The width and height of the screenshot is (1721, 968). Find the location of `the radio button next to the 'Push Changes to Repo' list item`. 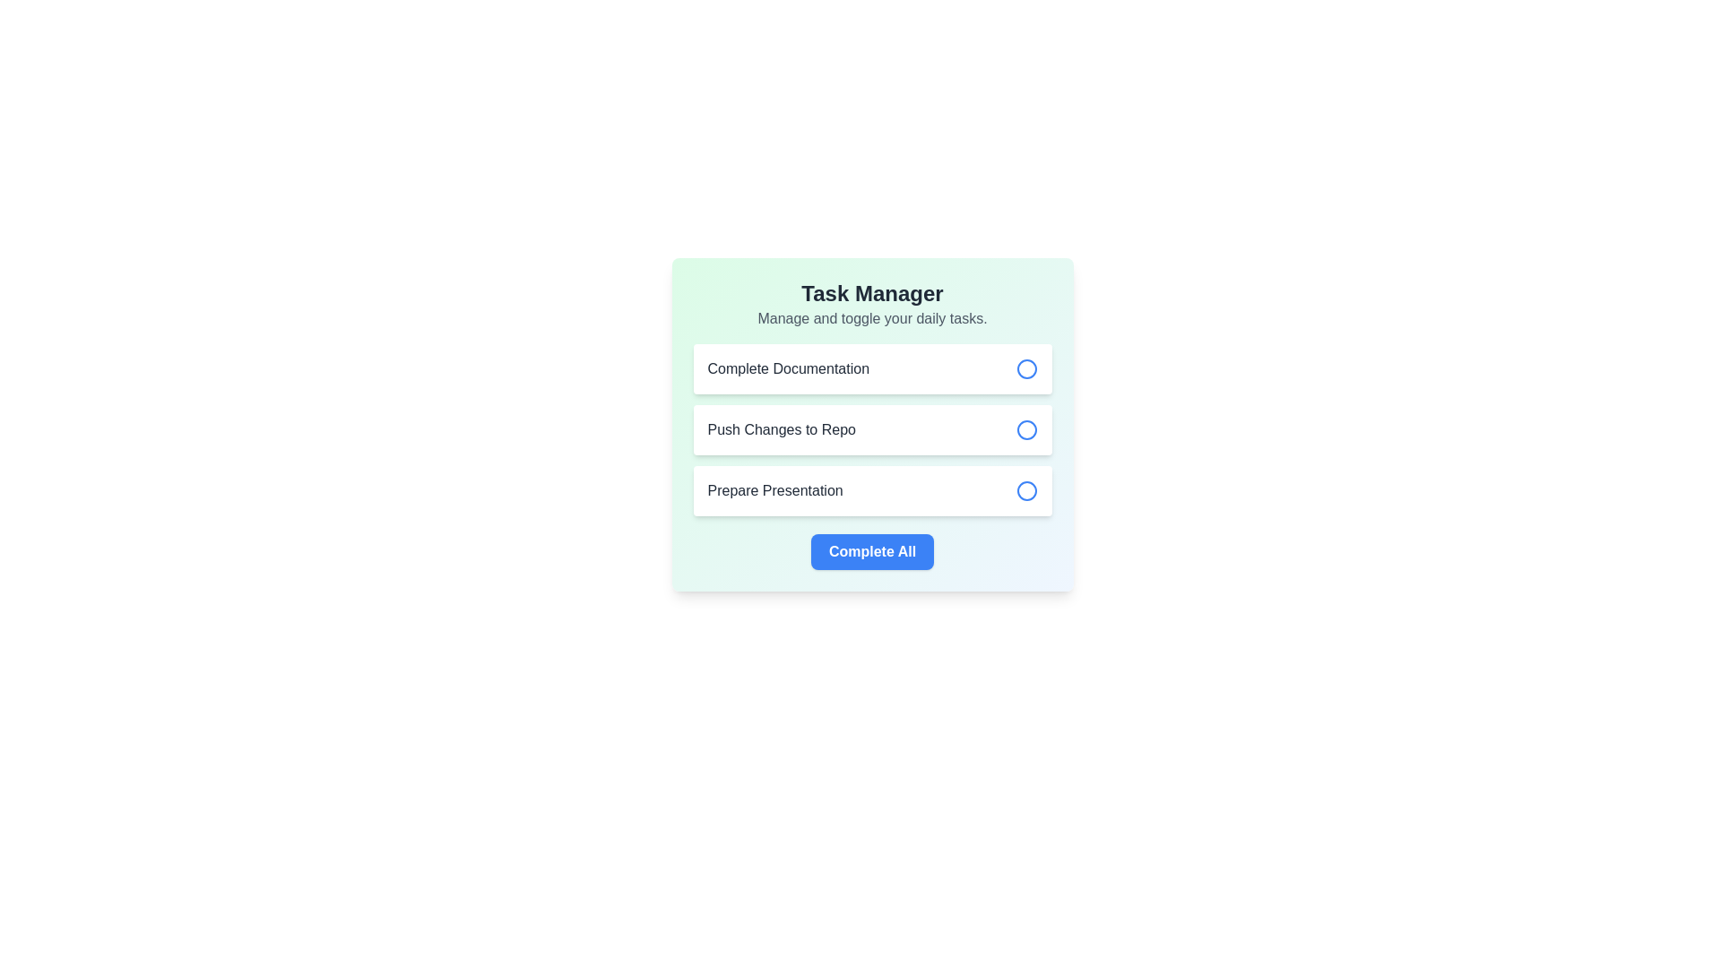

the radio button next to the 'Push Changes to Repo' list item is located at coordinates (1026, 429).